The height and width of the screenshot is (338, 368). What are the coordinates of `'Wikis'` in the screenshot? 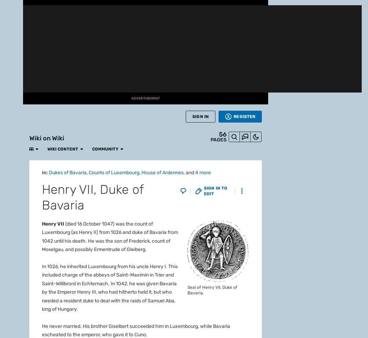 It's located at (6, 225).